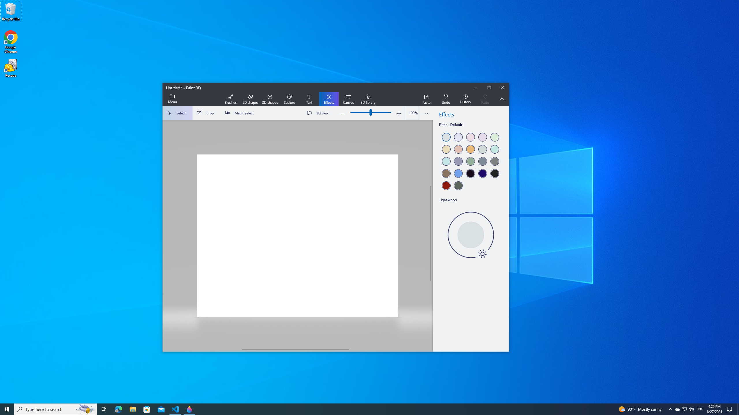  Describe the element at coordinates (118, 409) in the screenshot. I see `'Microsoft Edge'` at that location.